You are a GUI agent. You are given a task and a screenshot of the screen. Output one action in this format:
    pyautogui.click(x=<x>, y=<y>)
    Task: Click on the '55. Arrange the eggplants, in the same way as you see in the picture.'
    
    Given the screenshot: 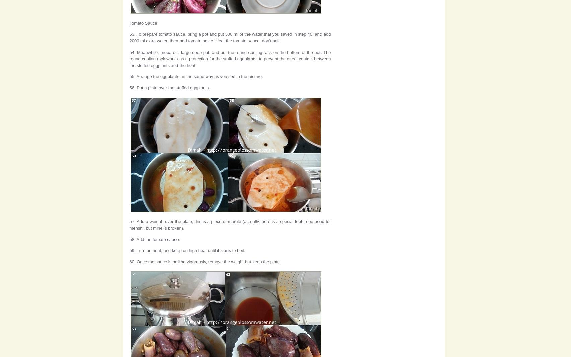 What is the action you would take?
    pyautogui.click(x=129, y=76)
    